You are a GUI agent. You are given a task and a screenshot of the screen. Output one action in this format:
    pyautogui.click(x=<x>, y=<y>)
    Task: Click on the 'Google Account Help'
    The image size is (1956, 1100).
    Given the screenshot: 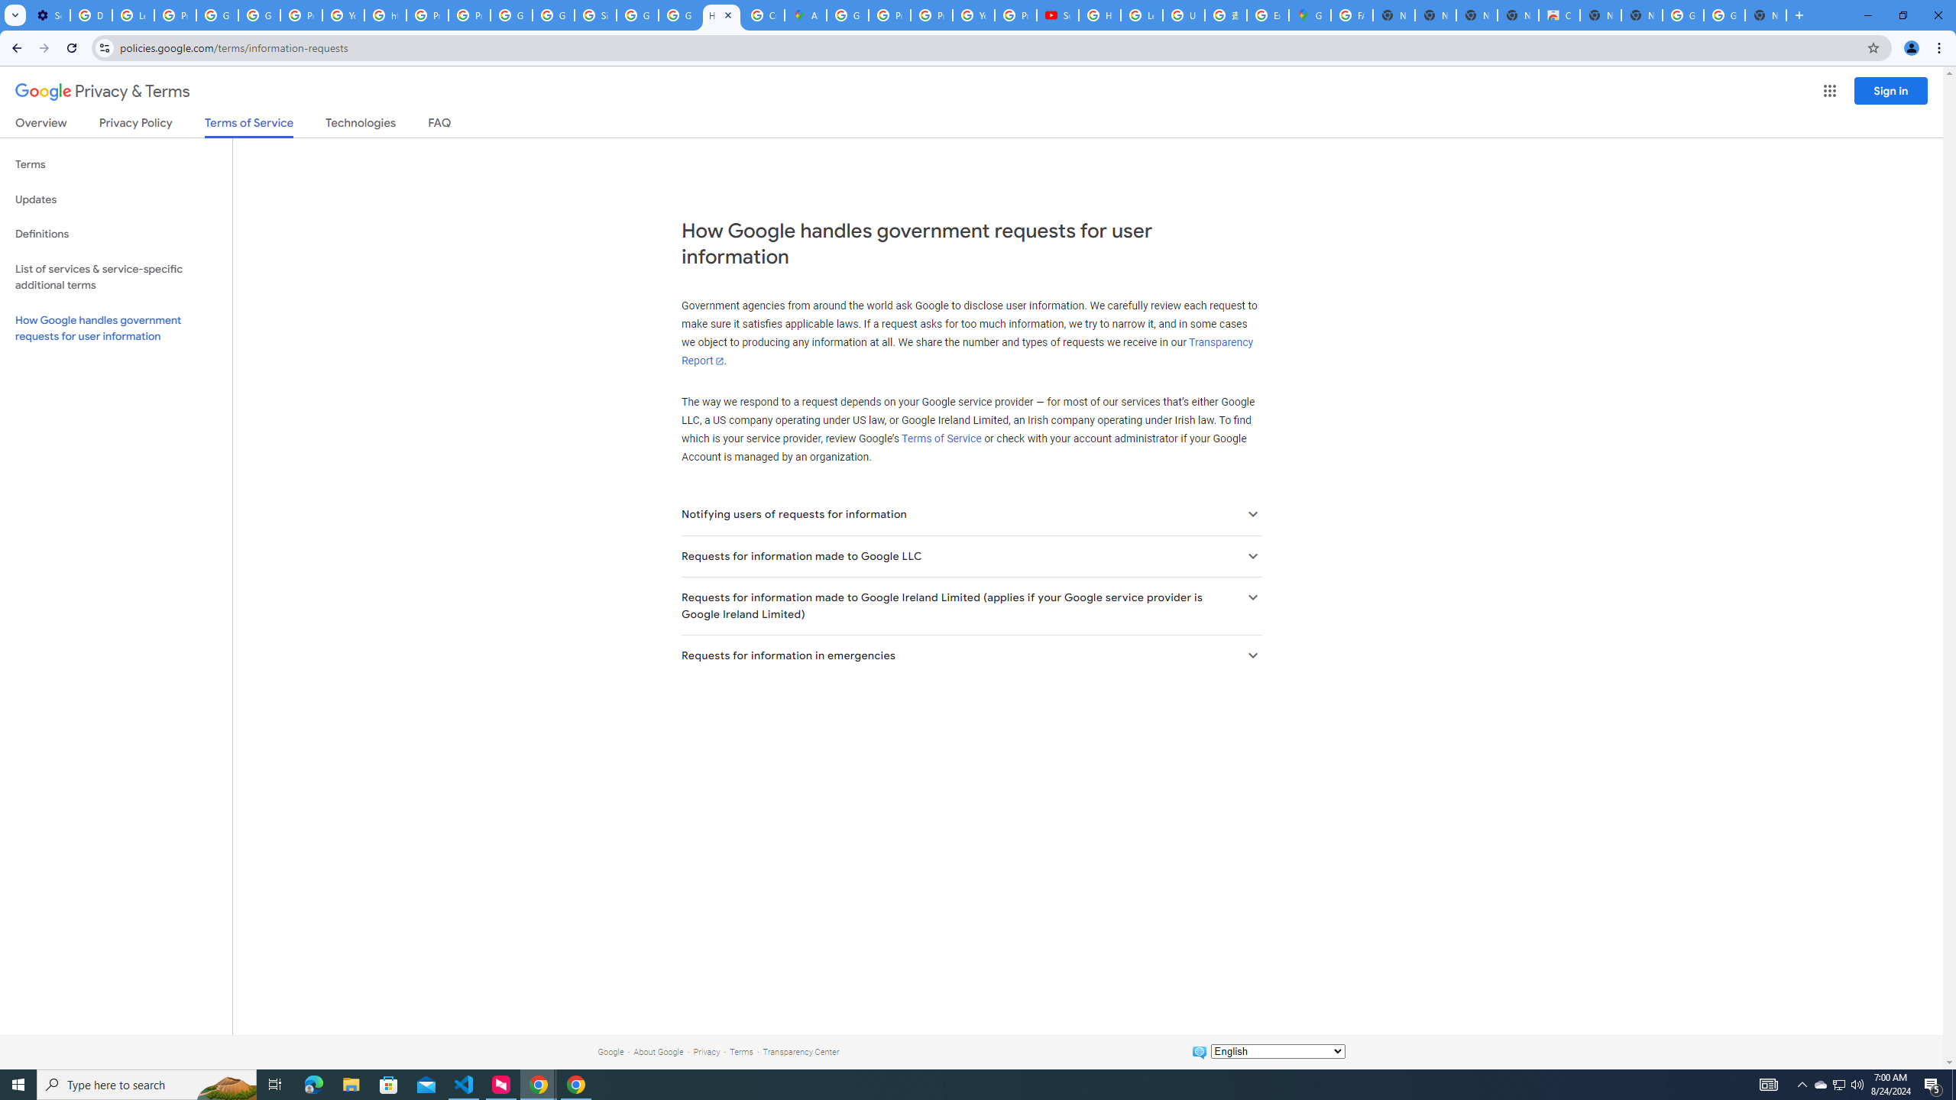 What is the action you would take?
    pyautogui.click(x=217, y=15)
    